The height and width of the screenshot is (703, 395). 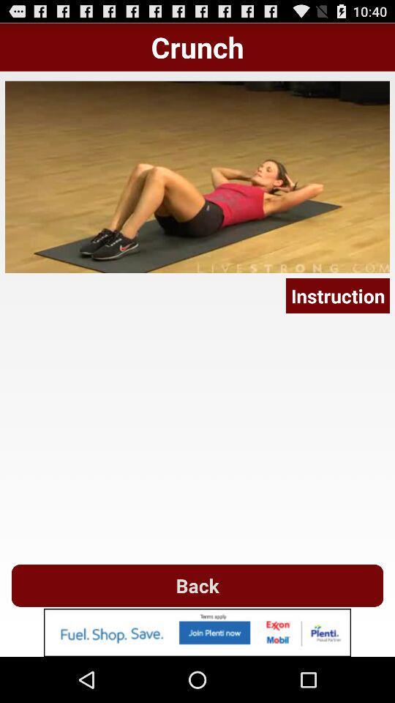 I want to click on launch advertisement, so click(x=197, y=632).